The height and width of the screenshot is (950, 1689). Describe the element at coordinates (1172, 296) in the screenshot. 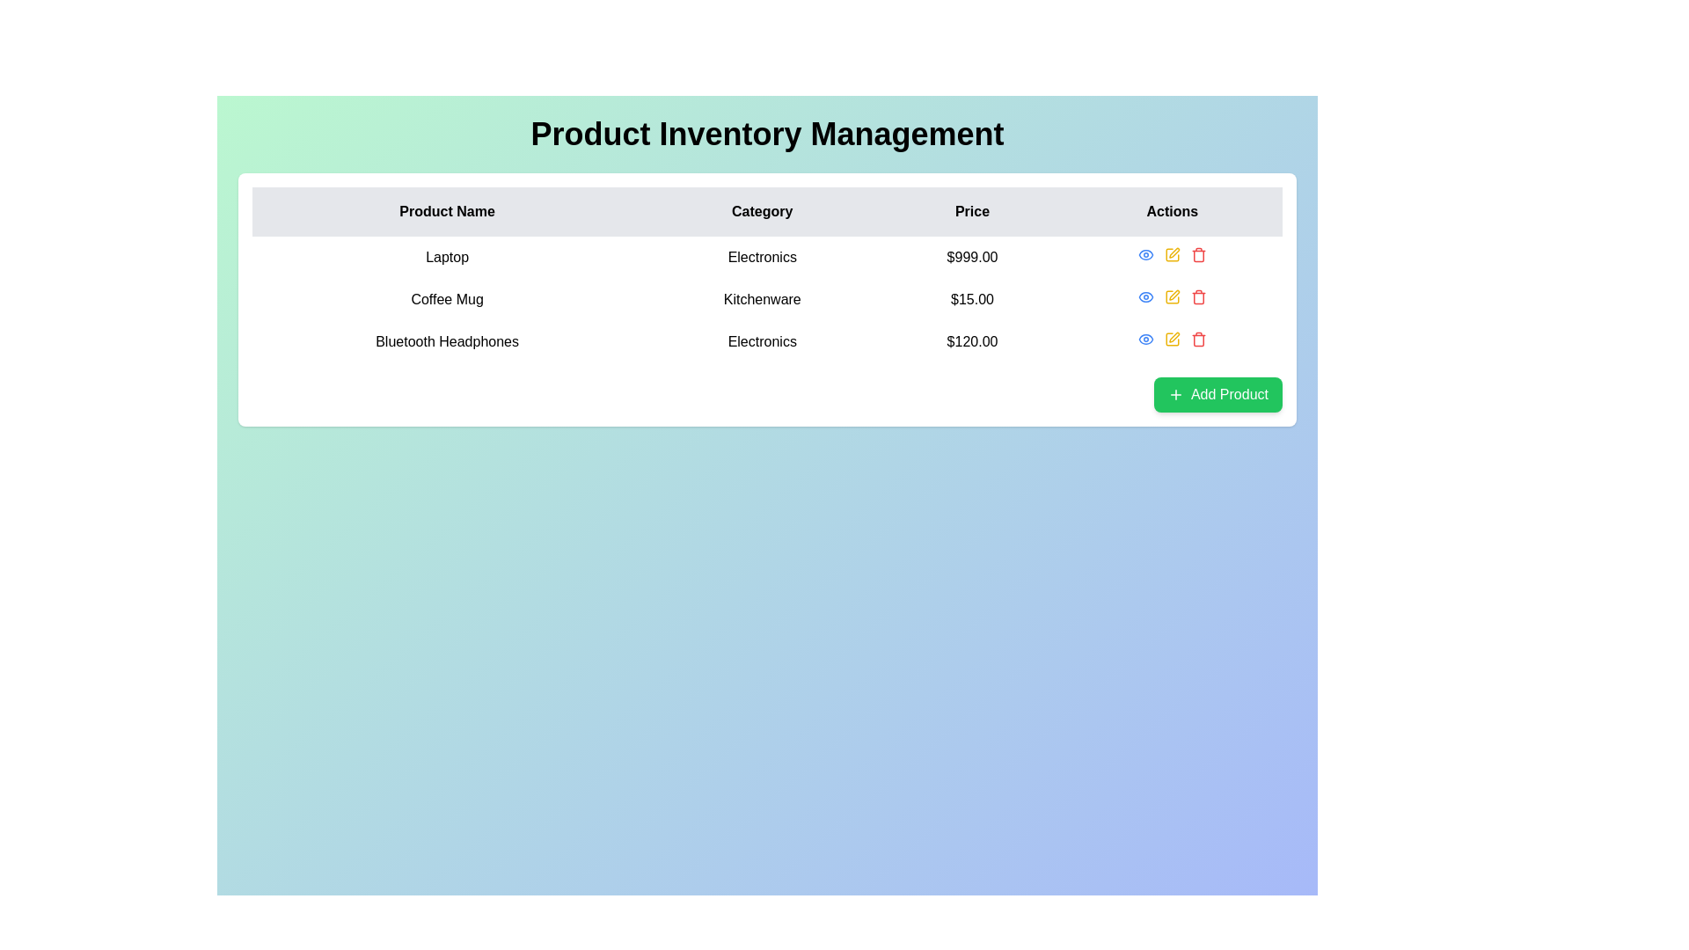

I see `the edit button located in the 'Actions' column of the table for the 'Coffee Mug' product, which is the second icon from the left in the action buttons group` at that location.